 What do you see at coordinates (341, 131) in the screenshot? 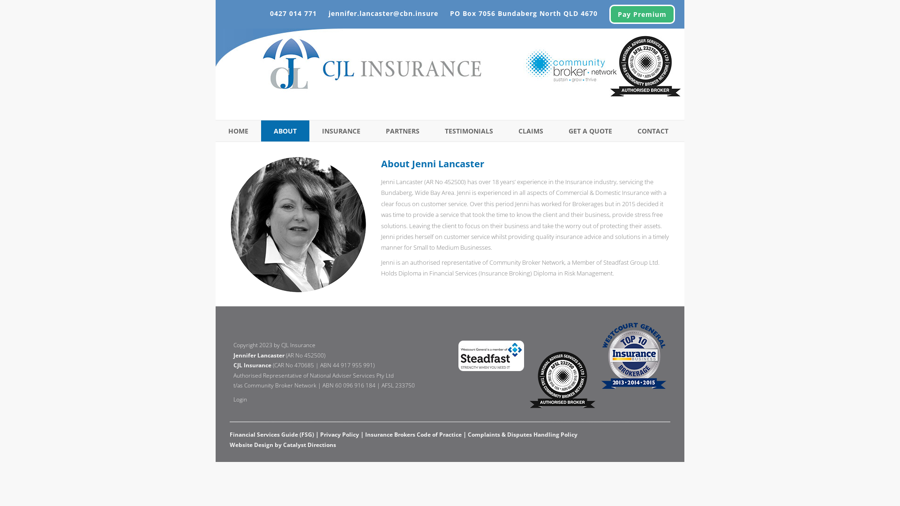
I see `'INSURANCE'` at bounding box center [341, 131].